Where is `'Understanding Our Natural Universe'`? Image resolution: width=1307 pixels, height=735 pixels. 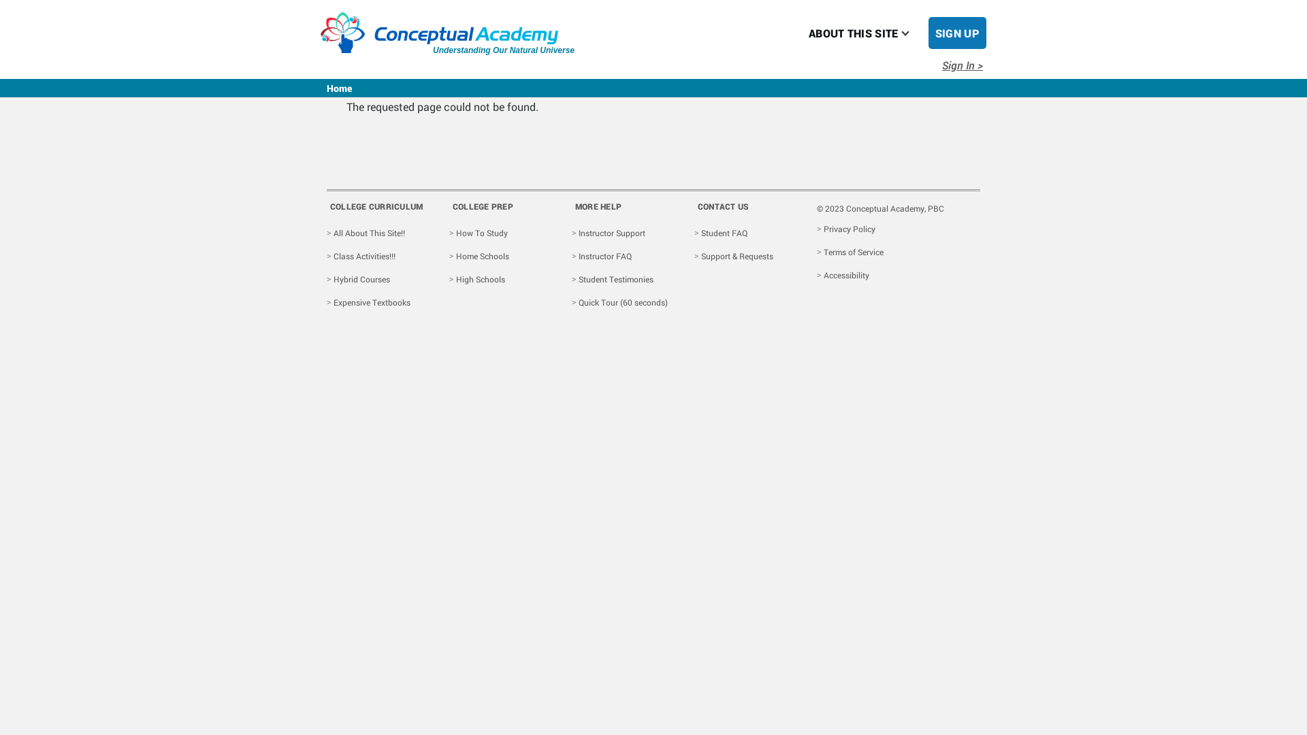
'Understanding Our Natural Universe' is located at coordinates (439, 41).